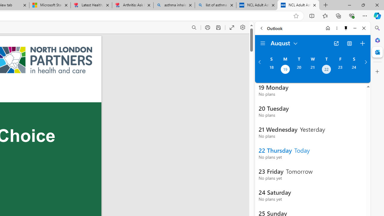  What do you see at coordinates (132, 5) in the screenshot?
I see `'Arthritis: Ask Health Professionals'` at bounding box center [132, 5].